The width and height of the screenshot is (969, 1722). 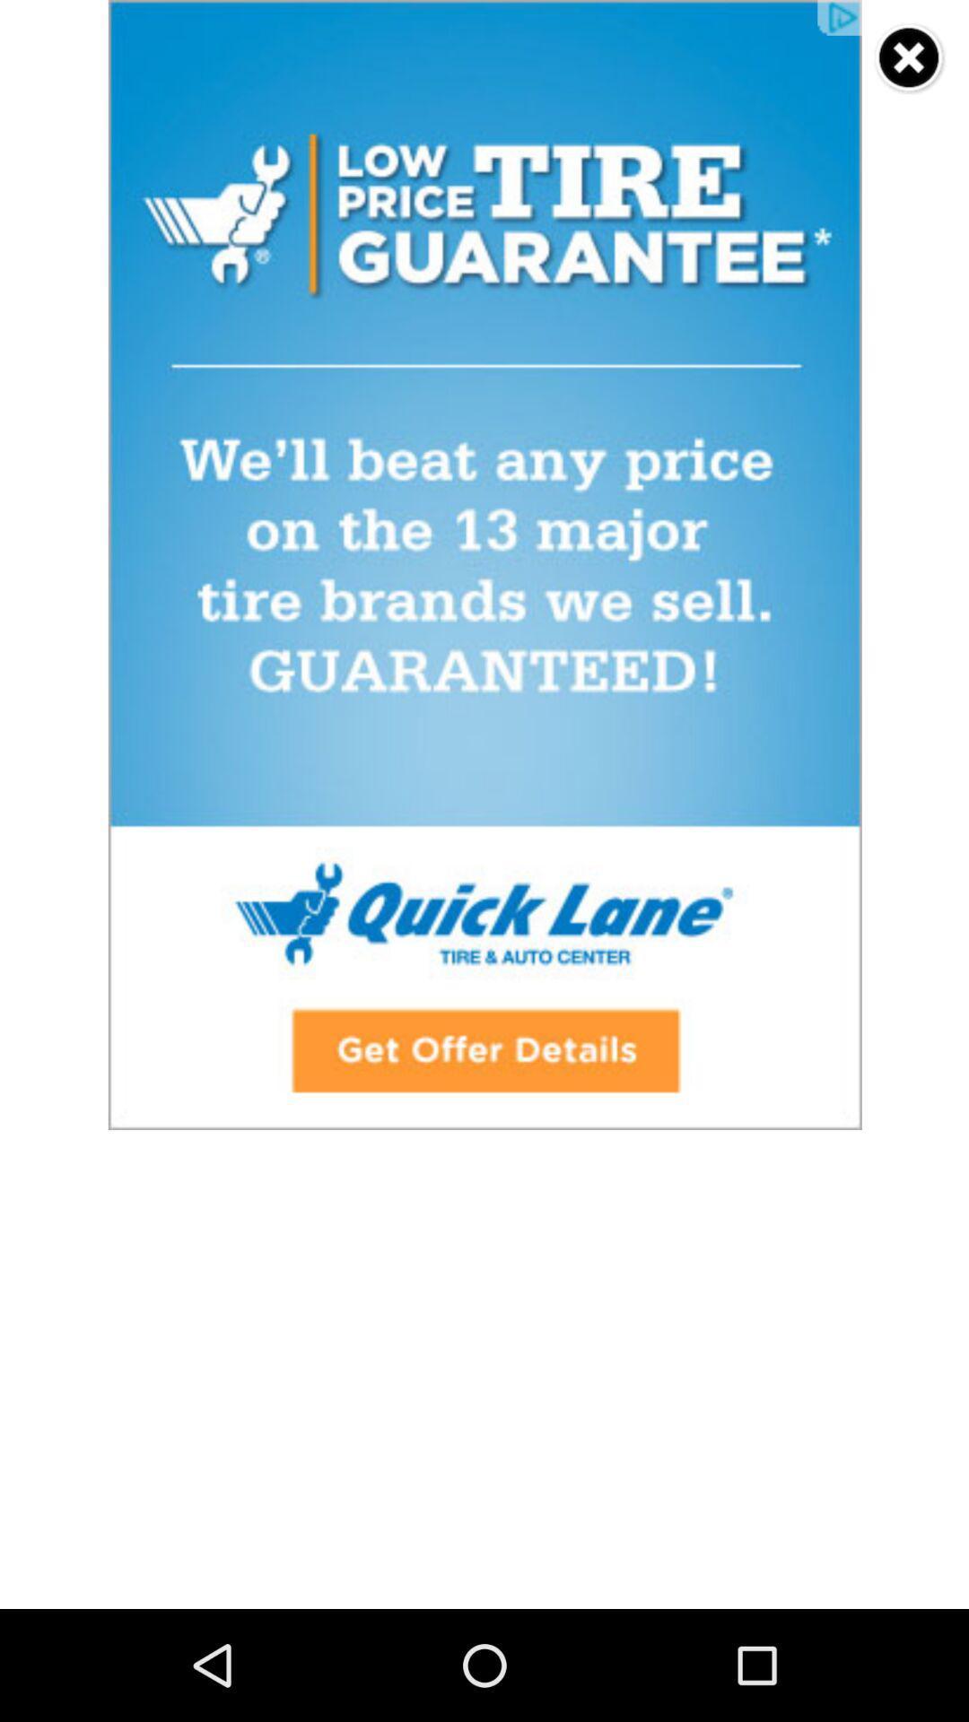 What do you see at coordinates (910, 58) in the screenshot?
I see `switch to close` at bounding box center [910, 58].